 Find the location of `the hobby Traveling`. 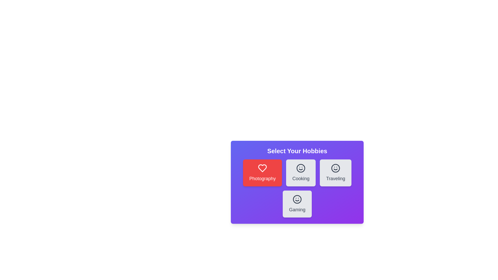

the hobby Traveling is located at coordinates (336, 173).